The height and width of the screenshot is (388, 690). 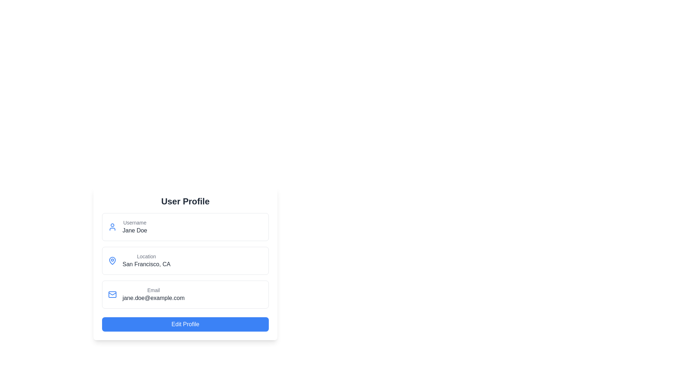 I want to click on the user profile icon located at the top section of the user profile card, positioned before the text 'Username' and 'Jane Doe', so click(x=112, y=227).